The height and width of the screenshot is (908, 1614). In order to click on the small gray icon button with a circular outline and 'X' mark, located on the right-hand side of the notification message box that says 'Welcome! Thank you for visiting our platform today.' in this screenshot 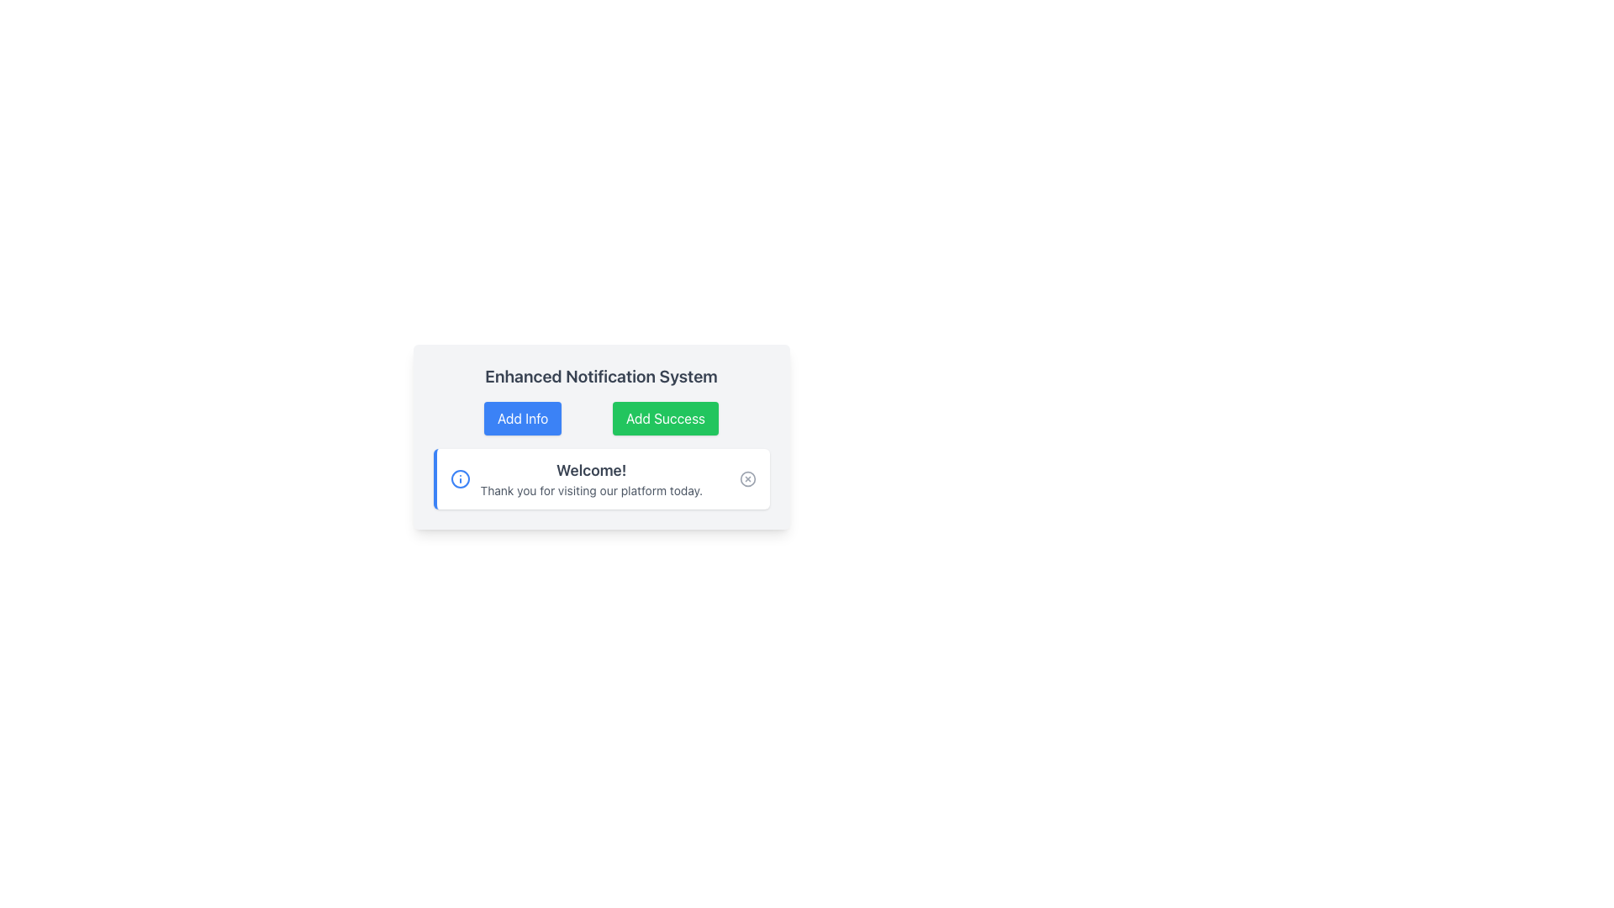, I will do `click(746, 479)`.